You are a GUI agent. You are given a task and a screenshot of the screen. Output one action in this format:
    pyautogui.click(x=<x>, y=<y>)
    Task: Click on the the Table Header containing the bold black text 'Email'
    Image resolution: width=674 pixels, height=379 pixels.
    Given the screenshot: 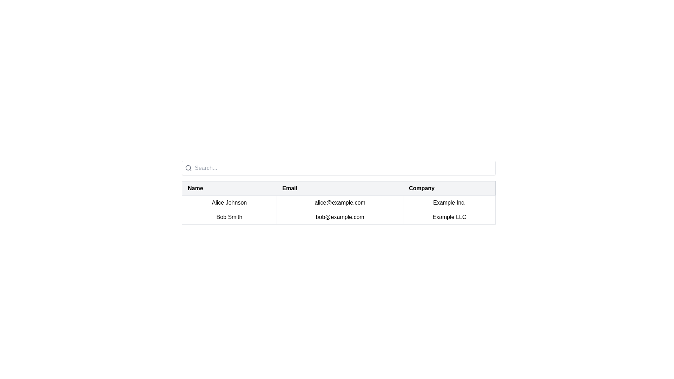 What is the action you would take?
    pyautogui.click(x=340, y=188)
    